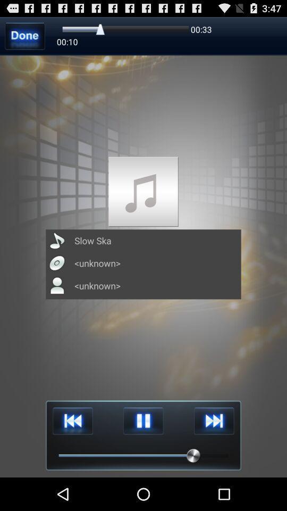  What do you see at coordinates (214, 421) in the screenshot?
I see `next song` at bounding box center [214, 421].